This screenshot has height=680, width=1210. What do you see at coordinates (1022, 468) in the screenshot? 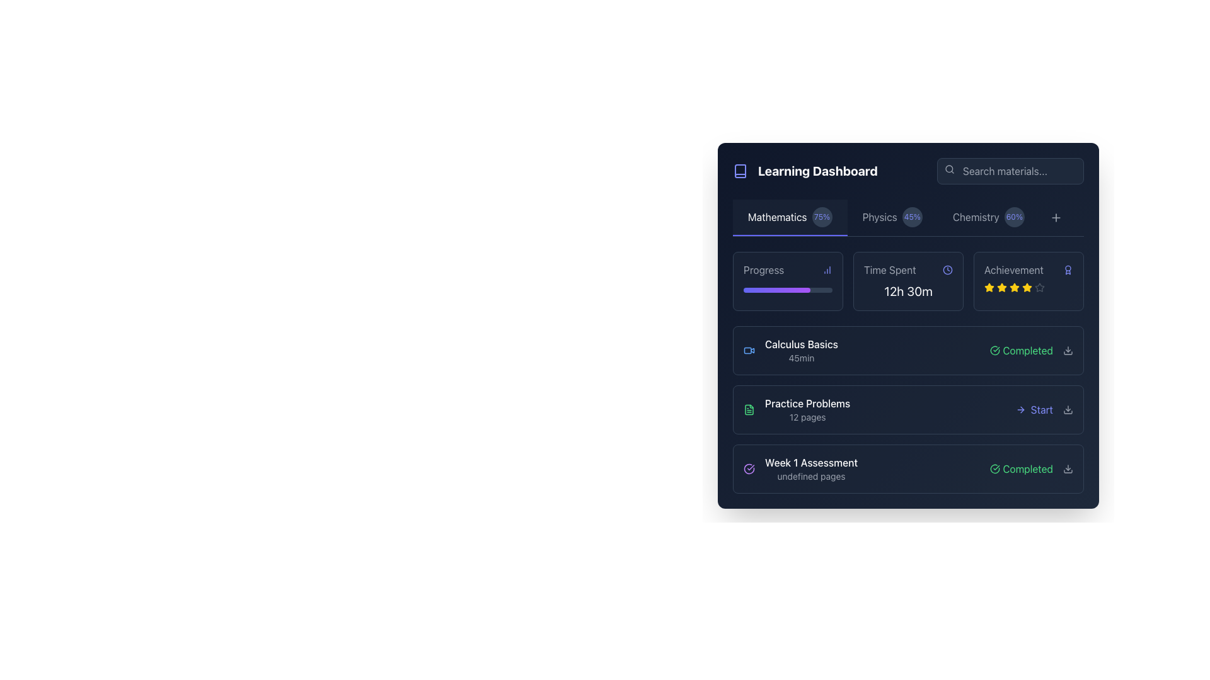
I see `the Status indicator element that indicates successful completion of a task or activity, located slightly to the right center of the item's title` at bounding box center [1022, 468].